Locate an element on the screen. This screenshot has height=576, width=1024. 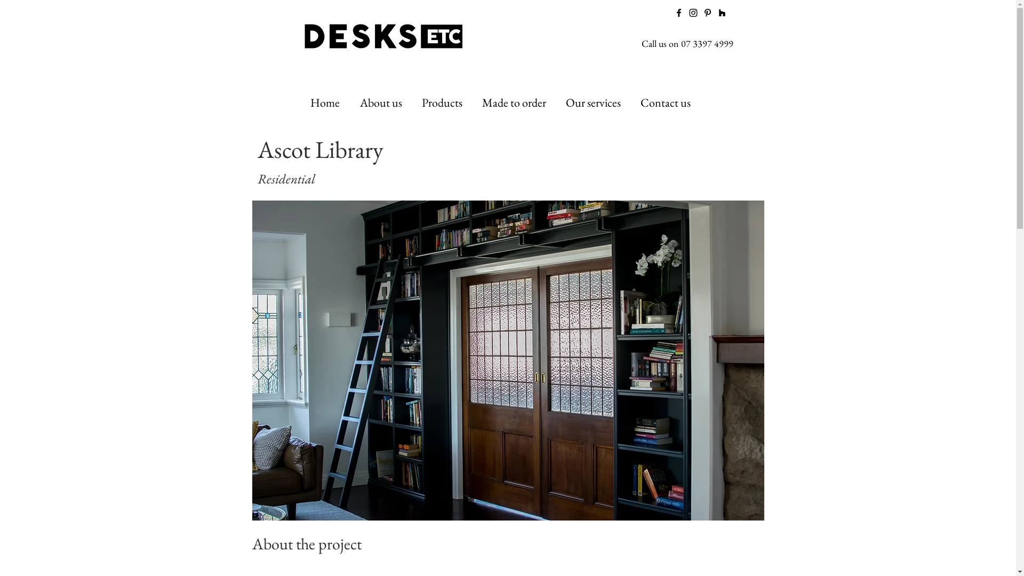
'Call us on 07 3397 4999' is located at coordinates (686, 43).